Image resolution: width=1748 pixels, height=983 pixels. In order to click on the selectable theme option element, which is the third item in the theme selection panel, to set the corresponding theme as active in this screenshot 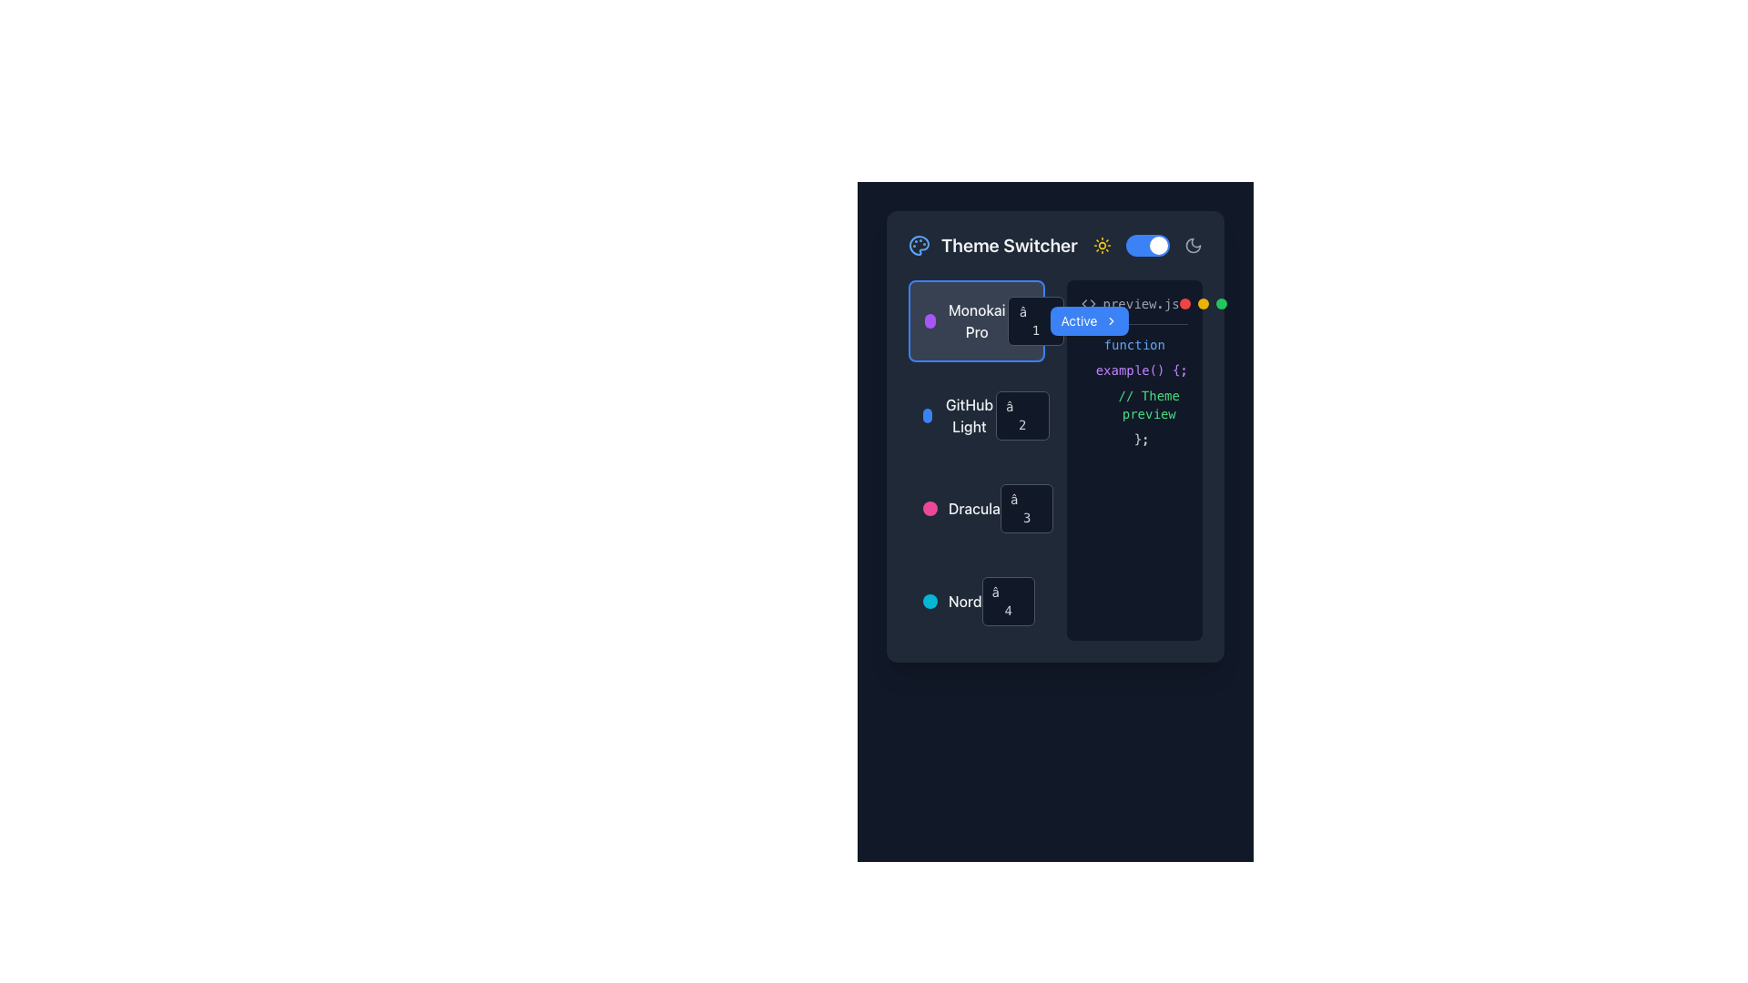, I will do `click(960, 509)`.